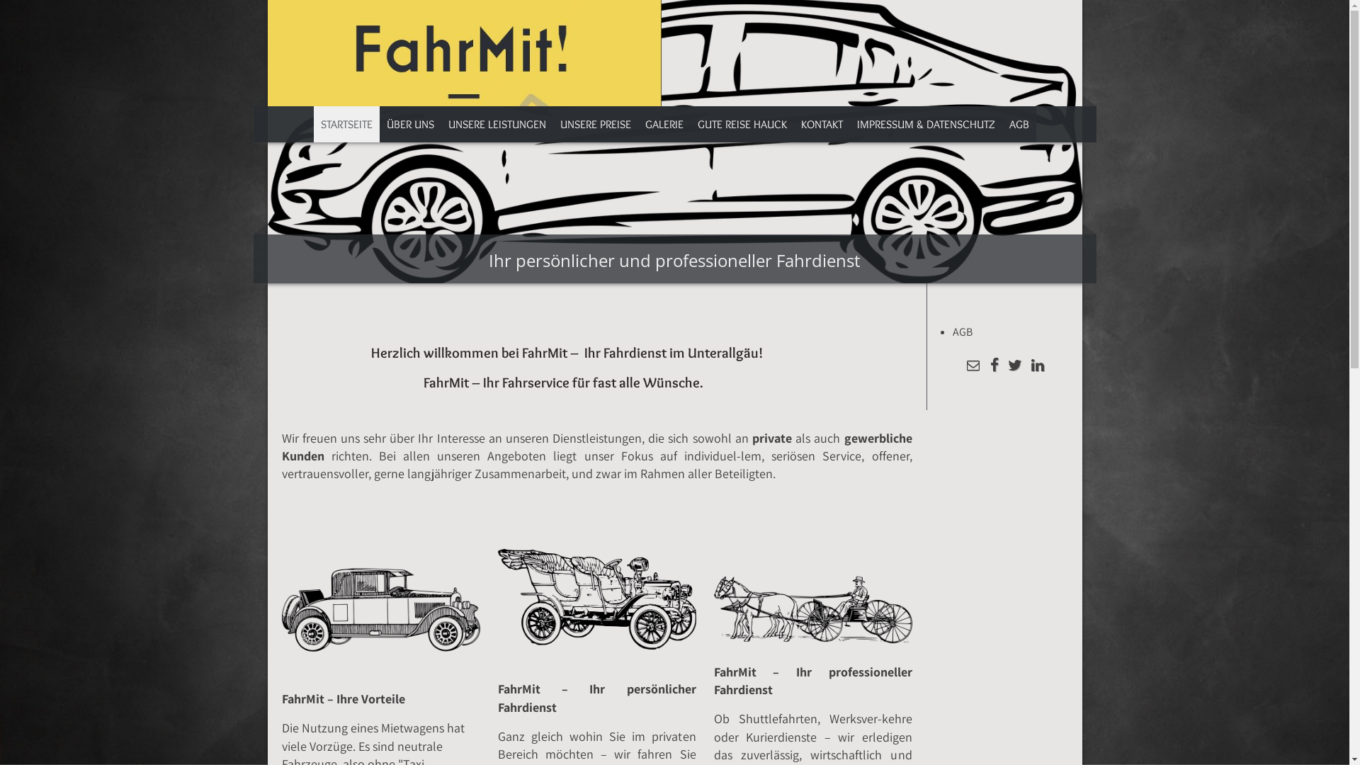 The image size is (1360, 765). Describe the element at coordinates (662, 123) in the screenshot. I see `'GALERIE'` at that location.